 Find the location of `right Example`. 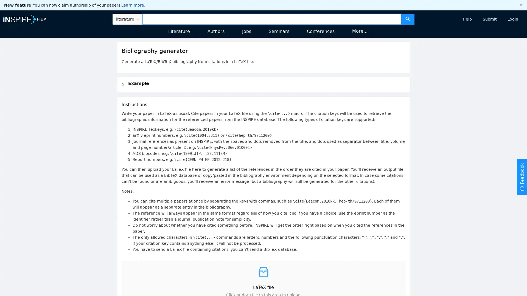

right Example is located at coordinates (263, 84).